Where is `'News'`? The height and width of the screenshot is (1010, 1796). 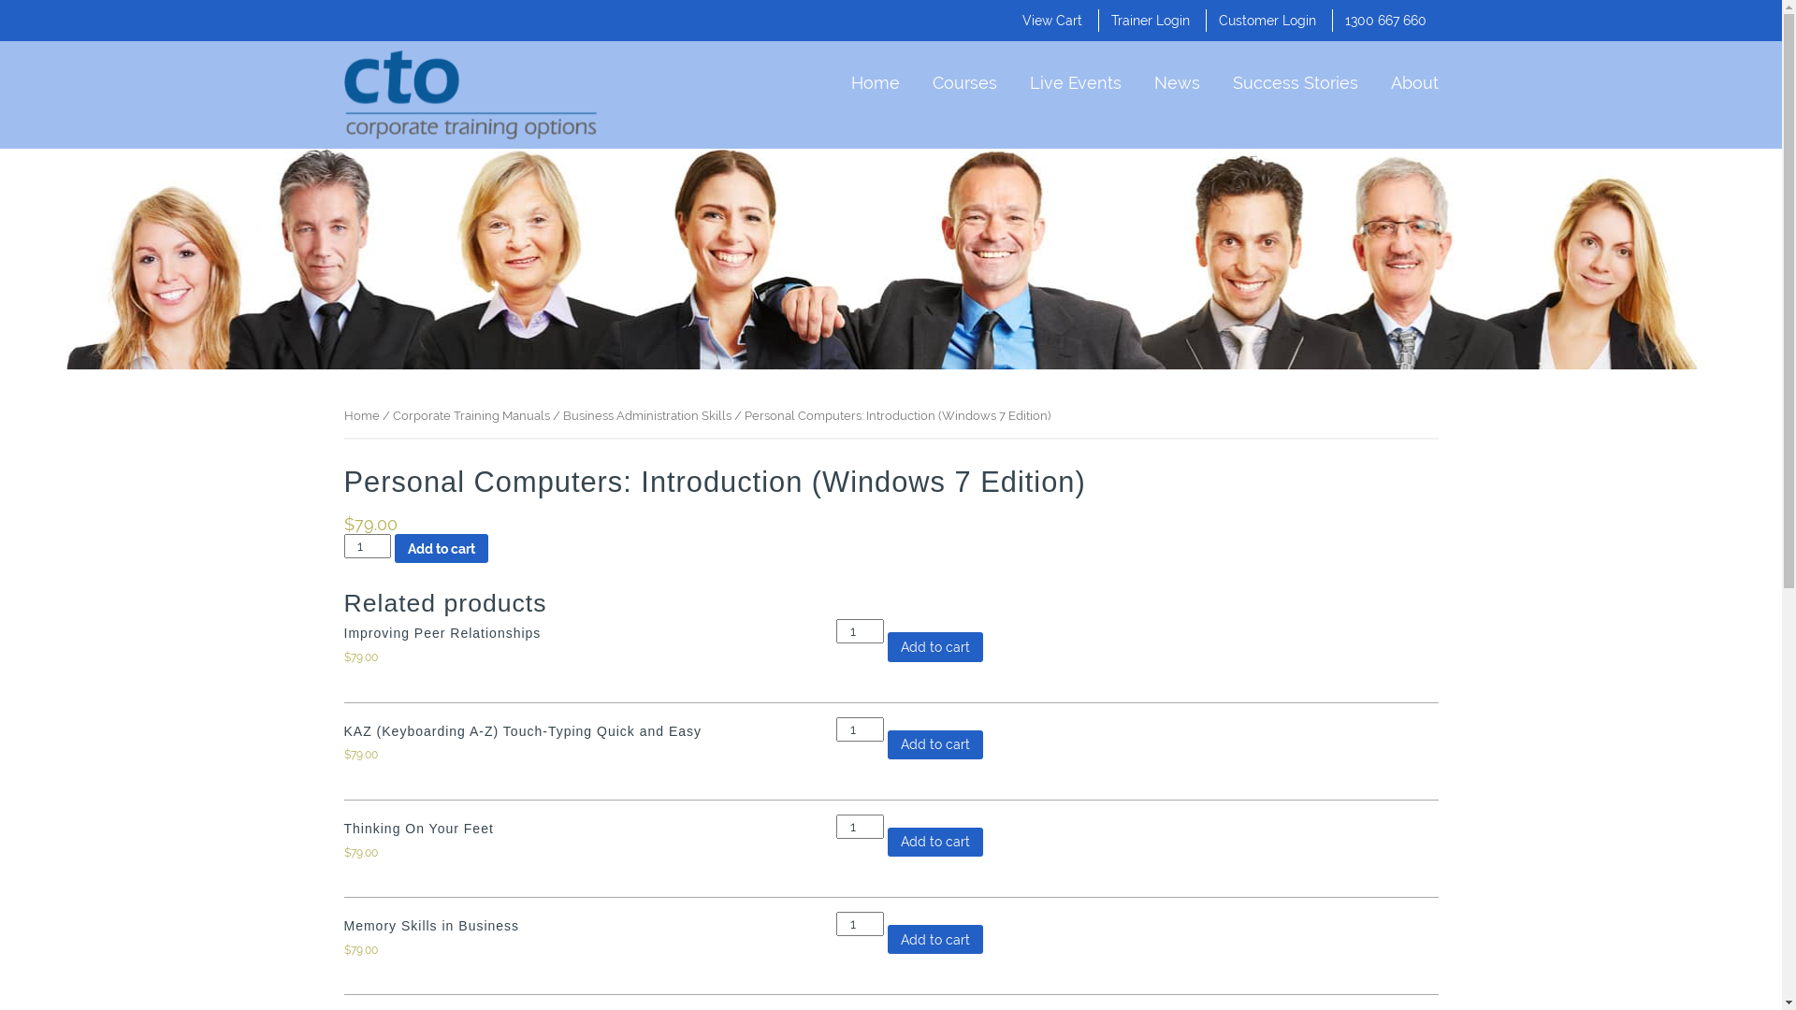
'News' is located at coordinates (1176, 79).